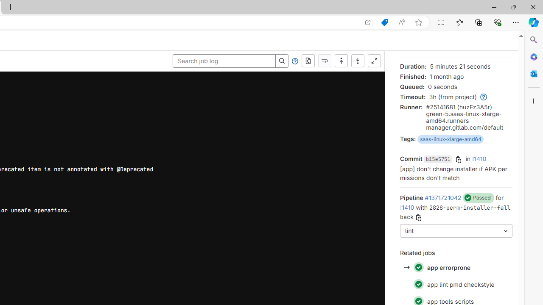 The image size is (543, 305). I want to click on 'Scroll to next failure', so click(324, 61).